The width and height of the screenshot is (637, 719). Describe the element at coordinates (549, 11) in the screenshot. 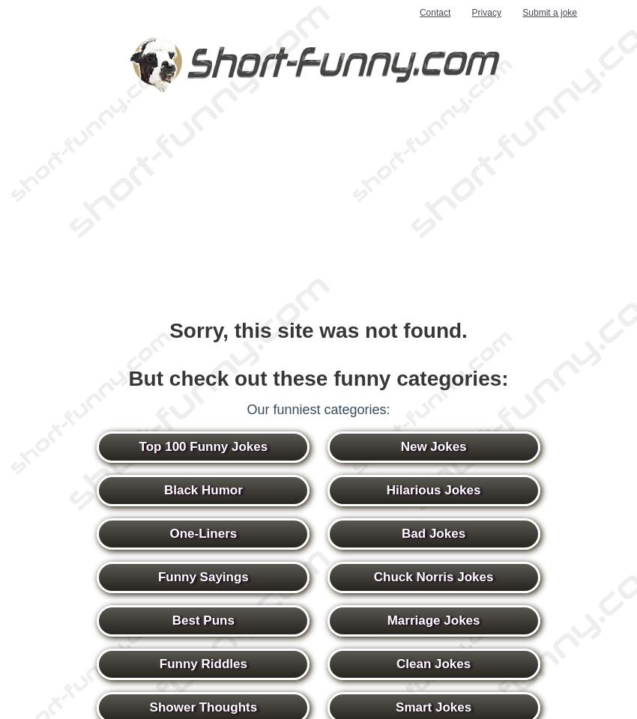

I see `'Submit a joke'` at that location.